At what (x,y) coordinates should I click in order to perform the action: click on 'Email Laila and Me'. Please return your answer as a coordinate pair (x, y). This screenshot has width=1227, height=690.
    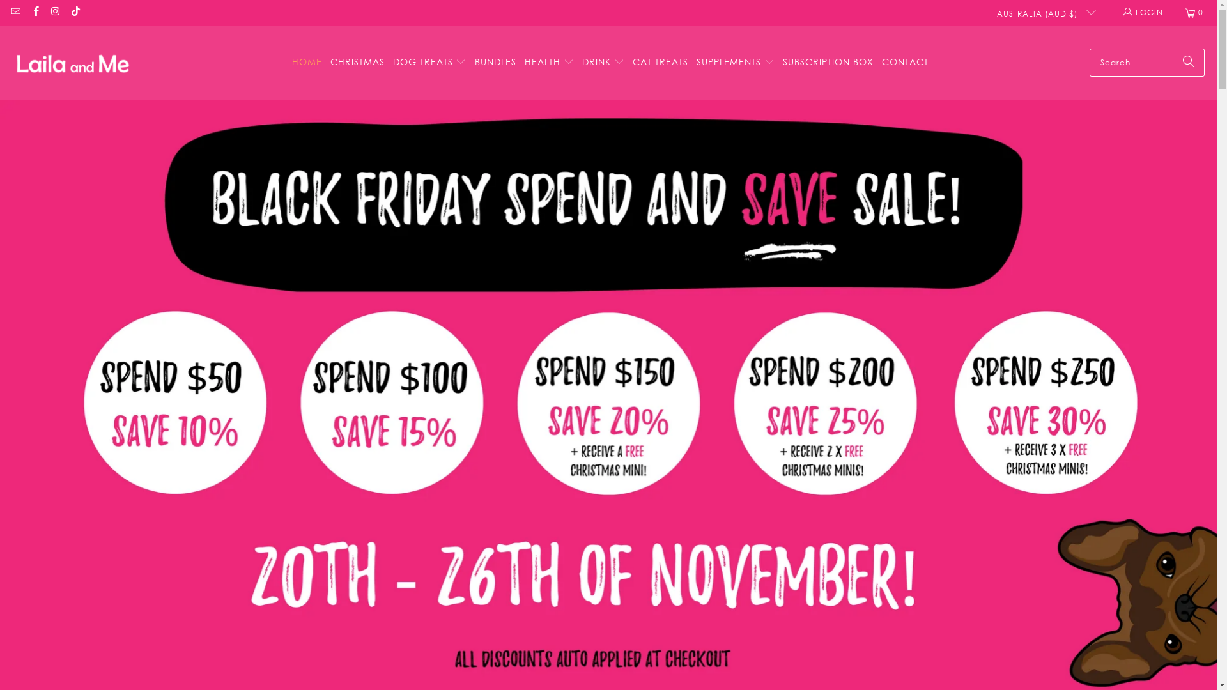
    Looking at the image, I should click on (15, 12).